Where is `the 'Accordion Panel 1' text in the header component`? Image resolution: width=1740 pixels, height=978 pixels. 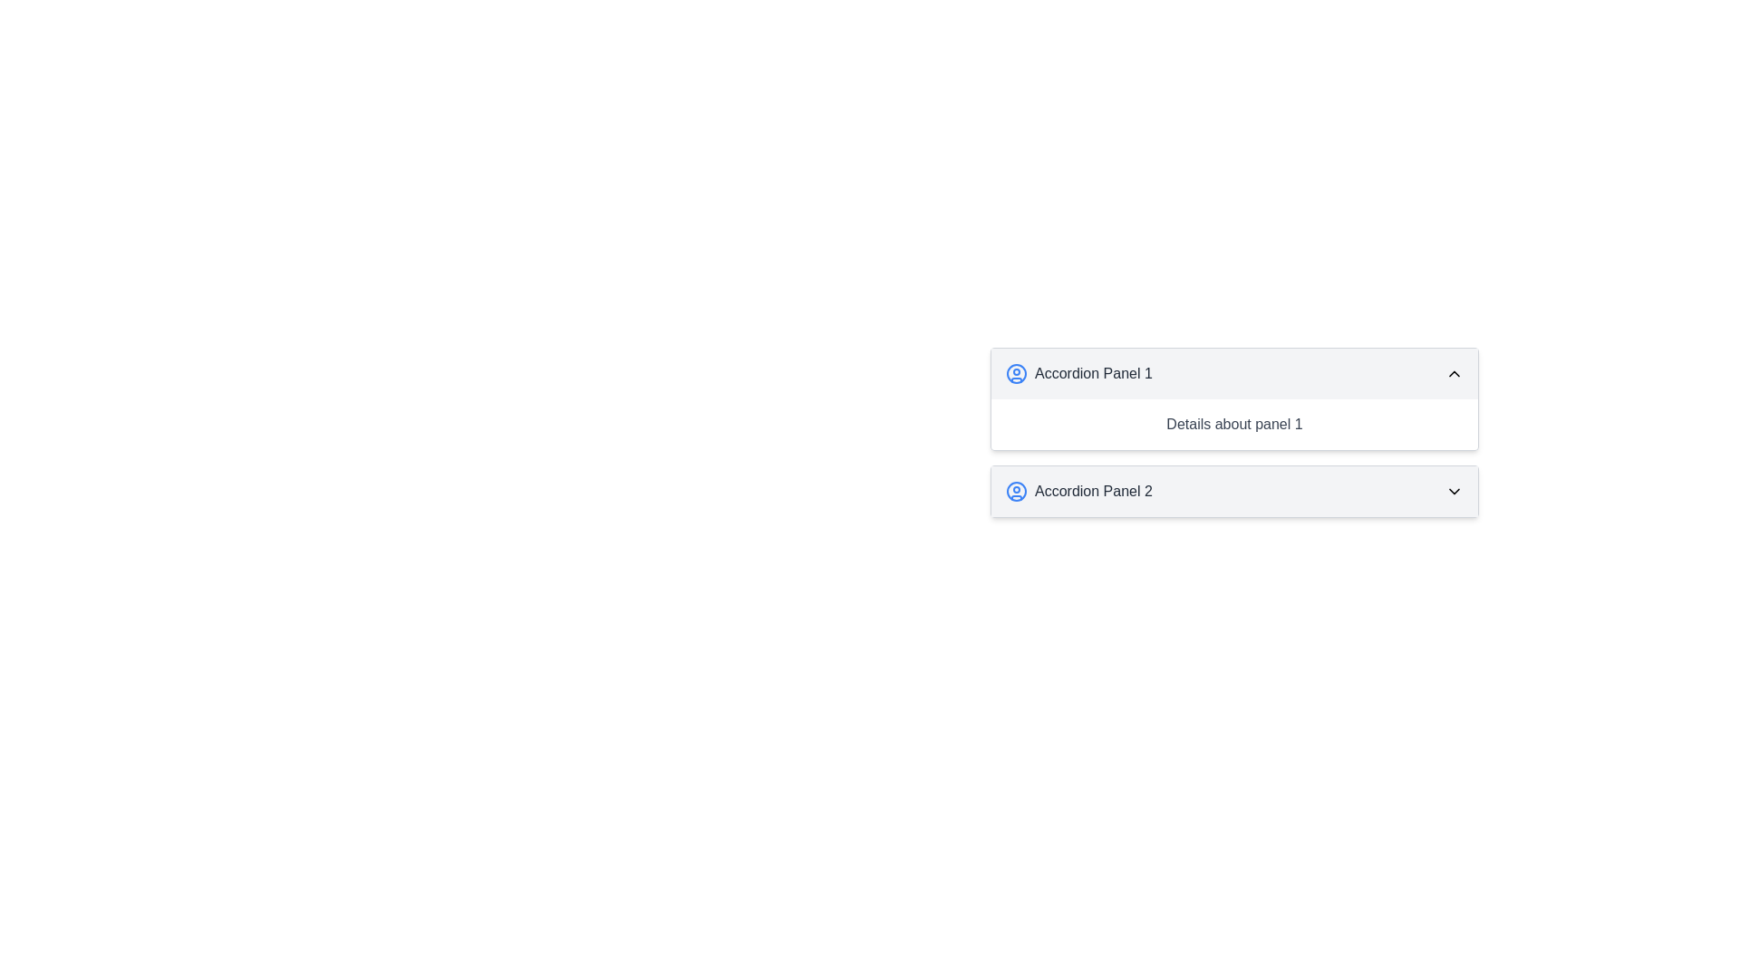 the 'Accordion Panel 1' text in the header component is located at coordinates (1078, 372).